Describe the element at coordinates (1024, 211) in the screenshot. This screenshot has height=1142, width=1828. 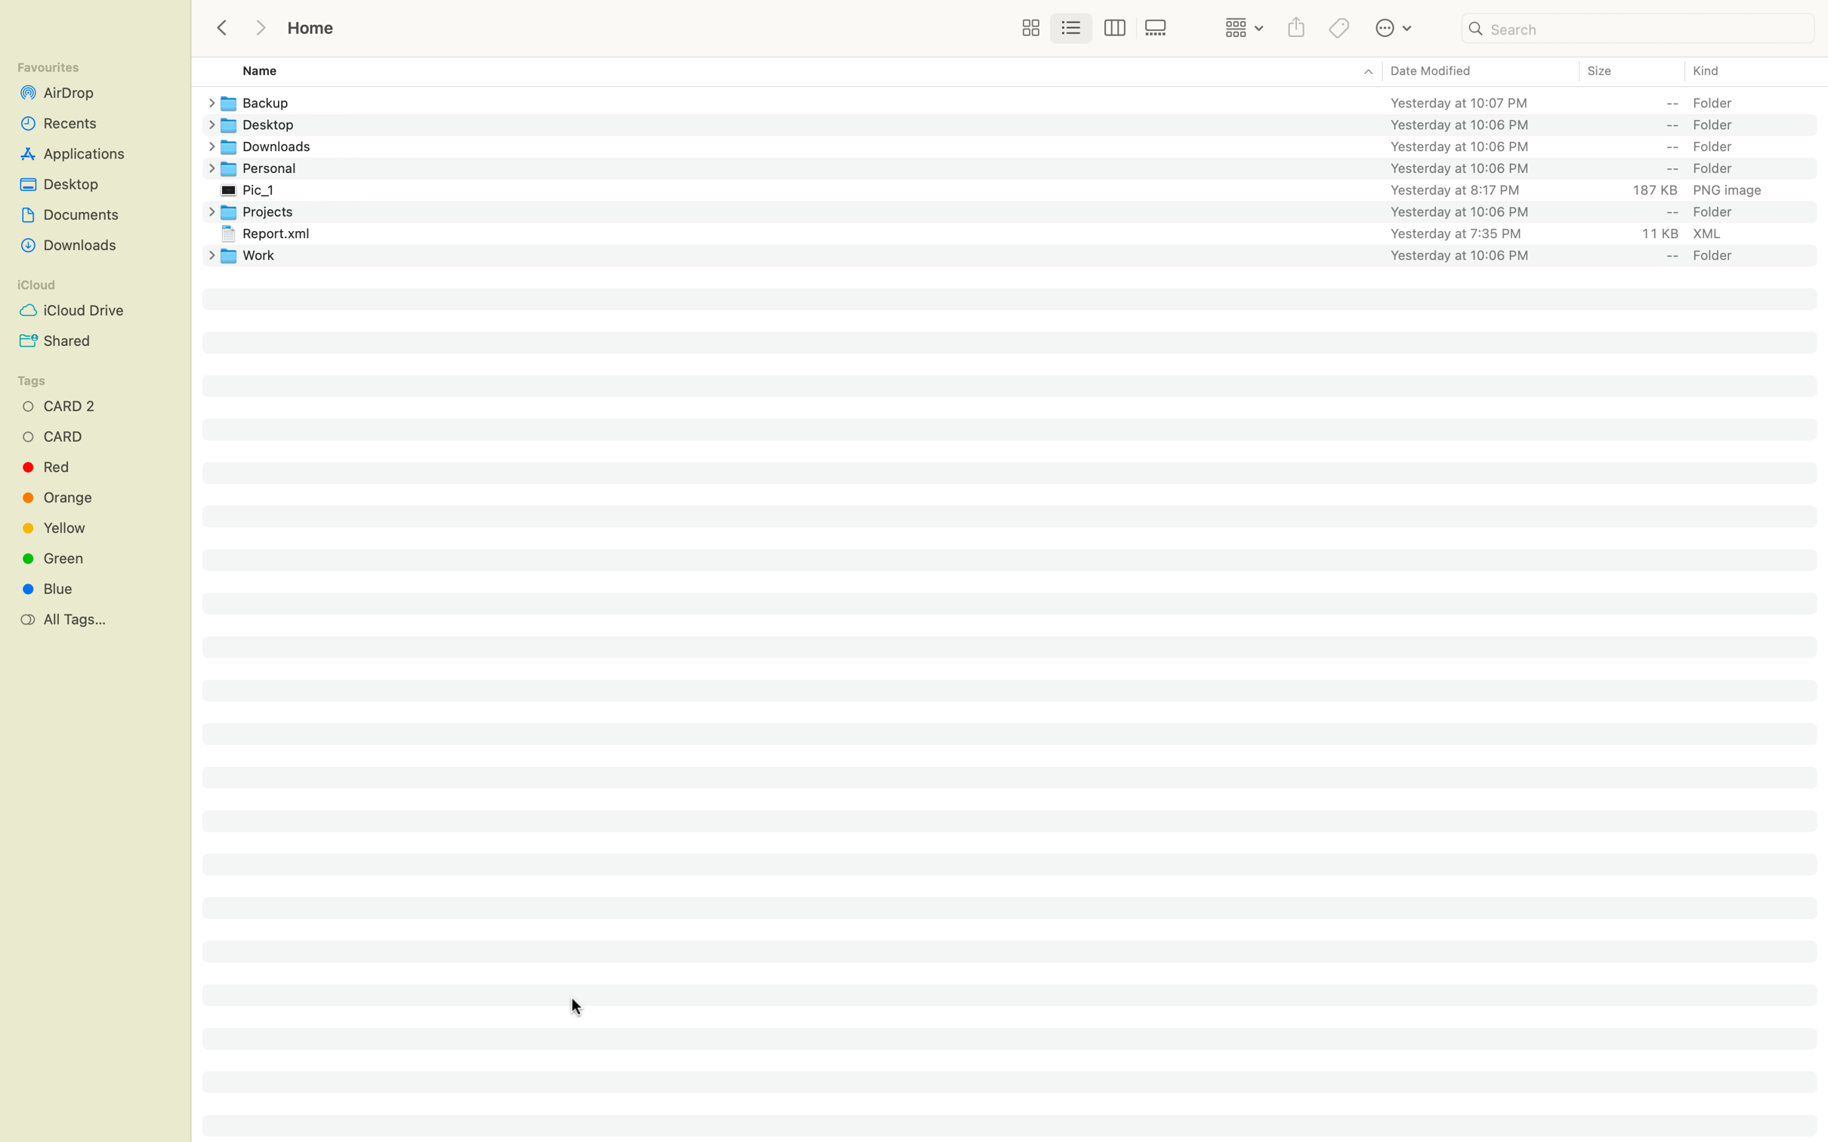
I see `Rename the Projects folder to "My Projects` at that location.